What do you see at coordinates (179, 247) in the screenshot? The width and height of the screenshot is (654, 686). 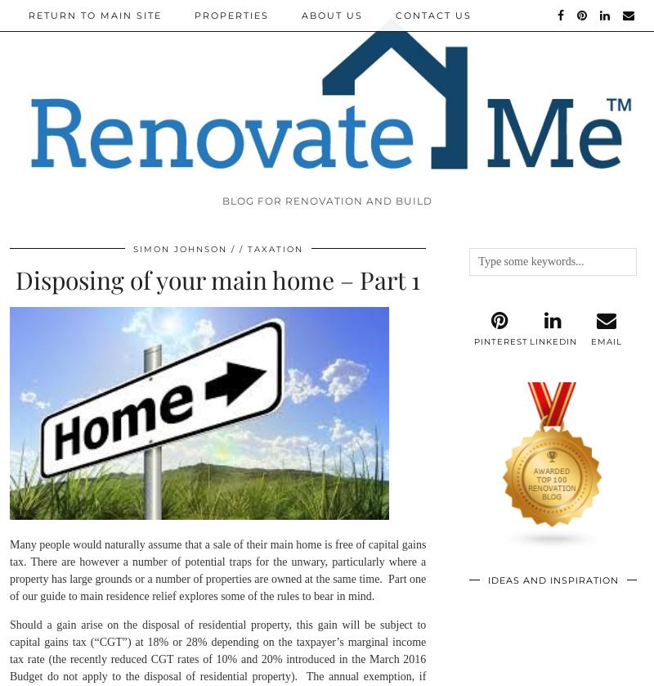 I see `'Simon Johnson'` at bounding box center [179, 247].